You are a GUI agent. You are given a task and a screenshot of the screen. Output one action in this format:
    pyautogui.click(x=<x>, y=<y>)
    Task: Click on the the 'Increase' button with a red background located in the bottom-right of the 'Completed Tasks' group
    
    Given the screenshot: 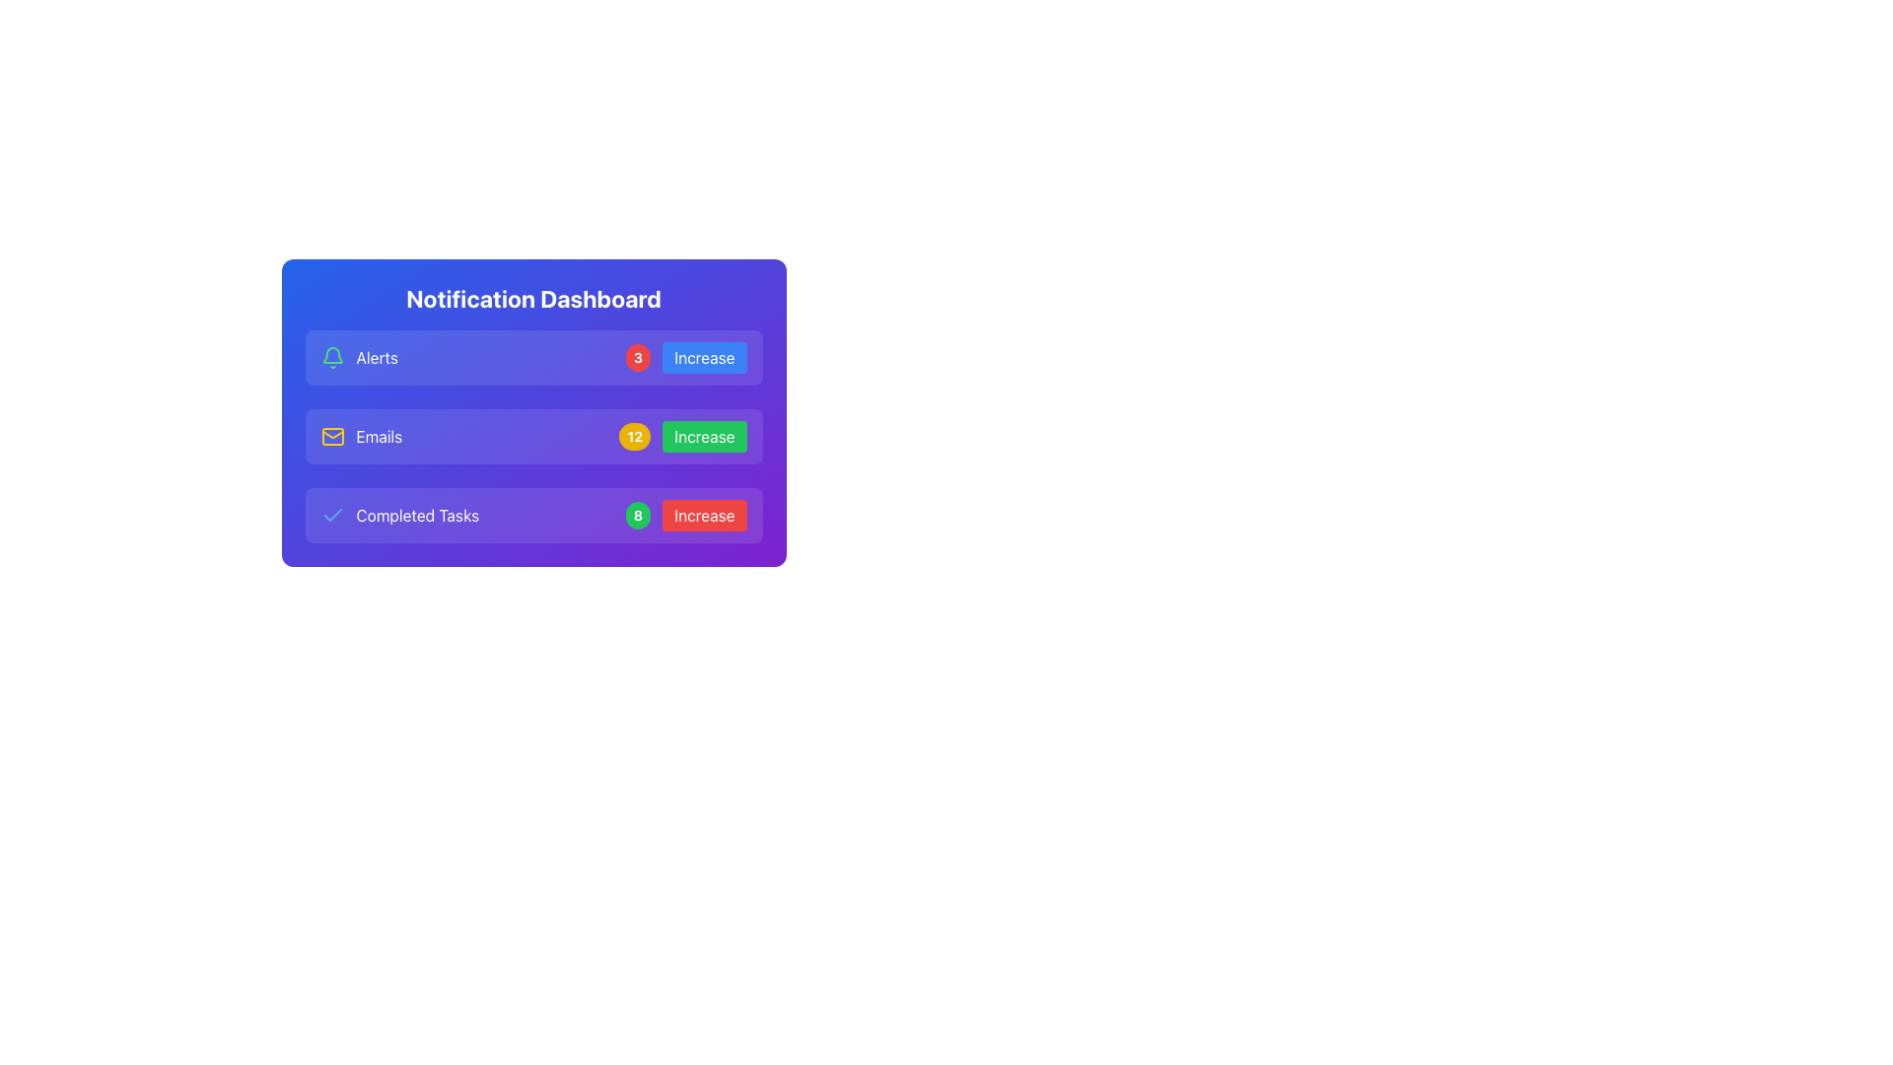 What is the action you would take?
    pyautogui.click(x=686, y=515)
    